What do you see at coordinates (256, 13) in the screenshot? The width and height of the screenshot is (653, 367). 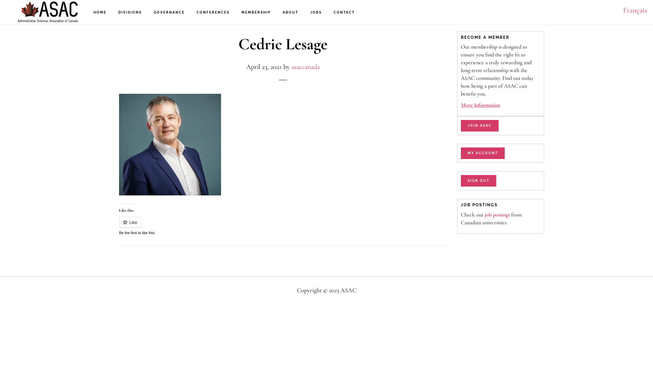 I see `'MEMBERSHIP'` at bounding box center [256, 13].